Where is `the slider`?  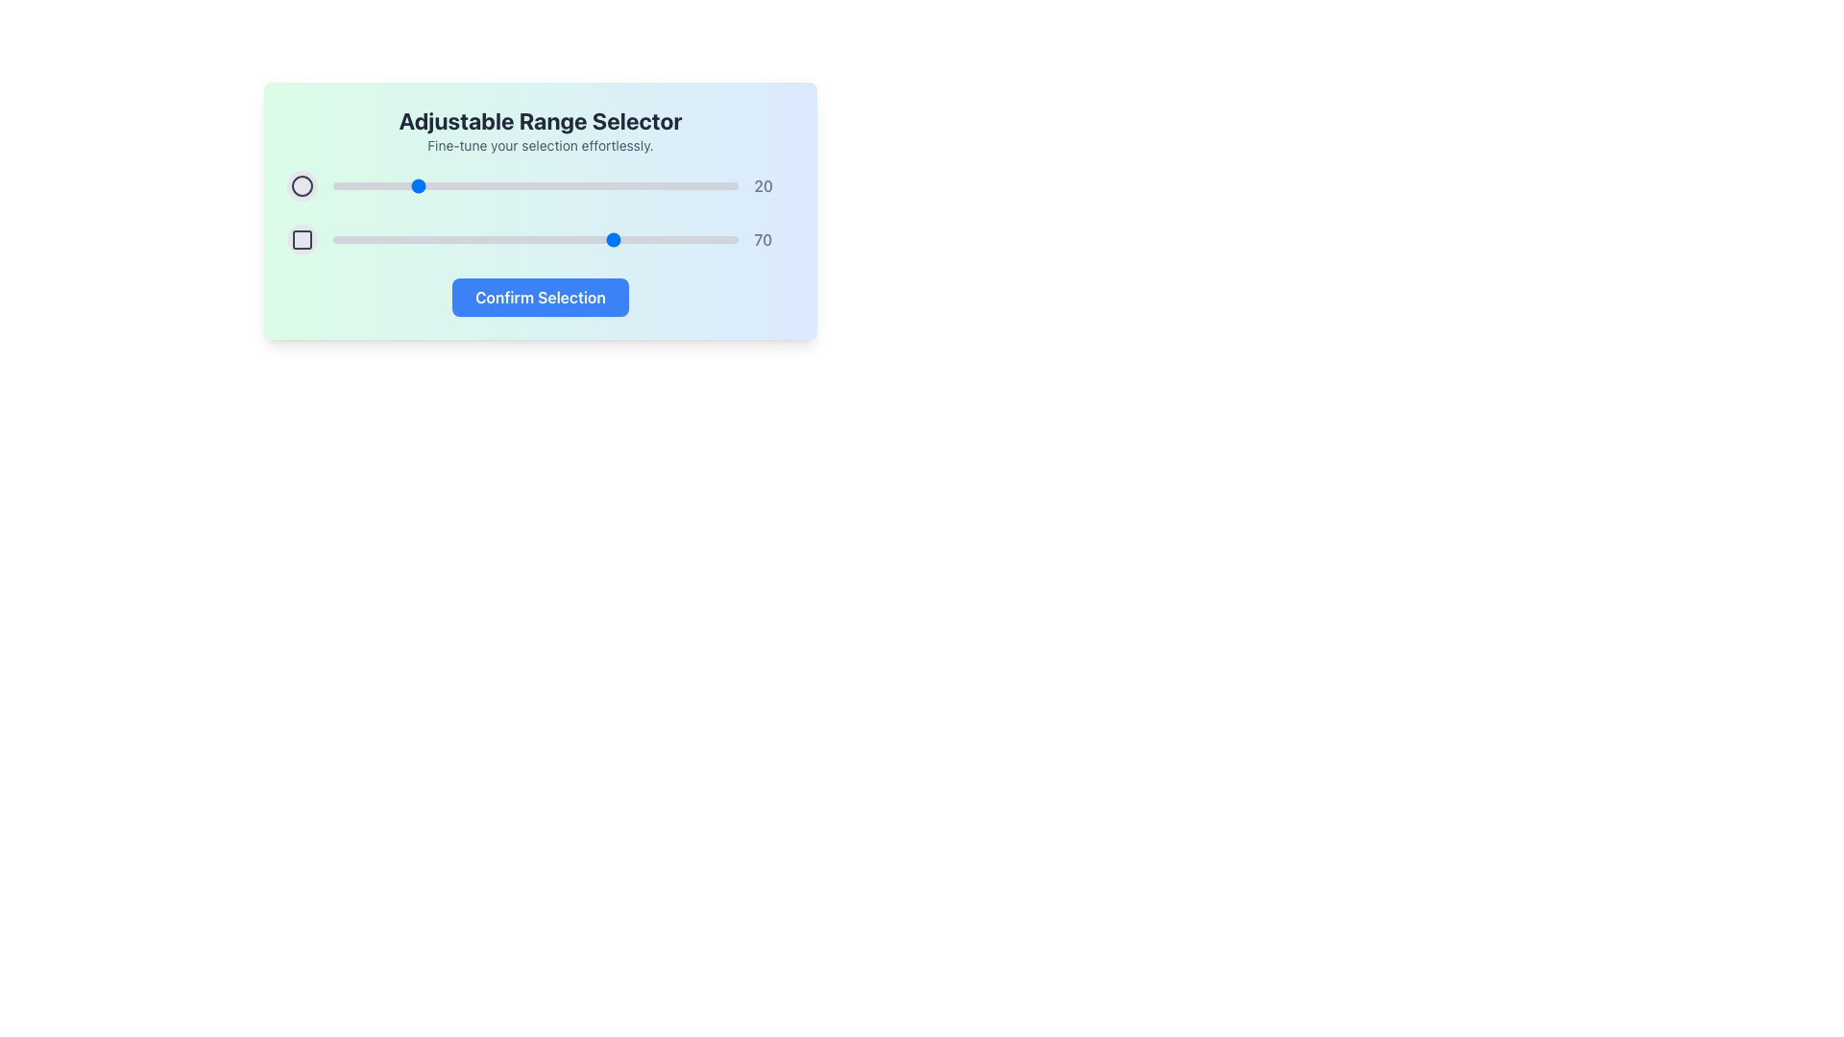 the slider is located at coordinates (733, 239).